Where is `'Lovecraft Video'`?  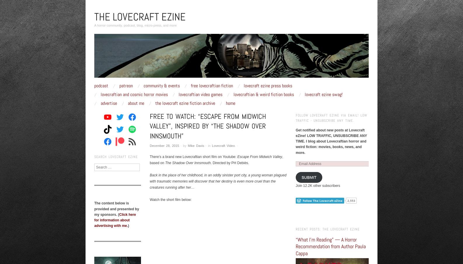
'Lovecraft Video' is located at coordinates (212, 145).